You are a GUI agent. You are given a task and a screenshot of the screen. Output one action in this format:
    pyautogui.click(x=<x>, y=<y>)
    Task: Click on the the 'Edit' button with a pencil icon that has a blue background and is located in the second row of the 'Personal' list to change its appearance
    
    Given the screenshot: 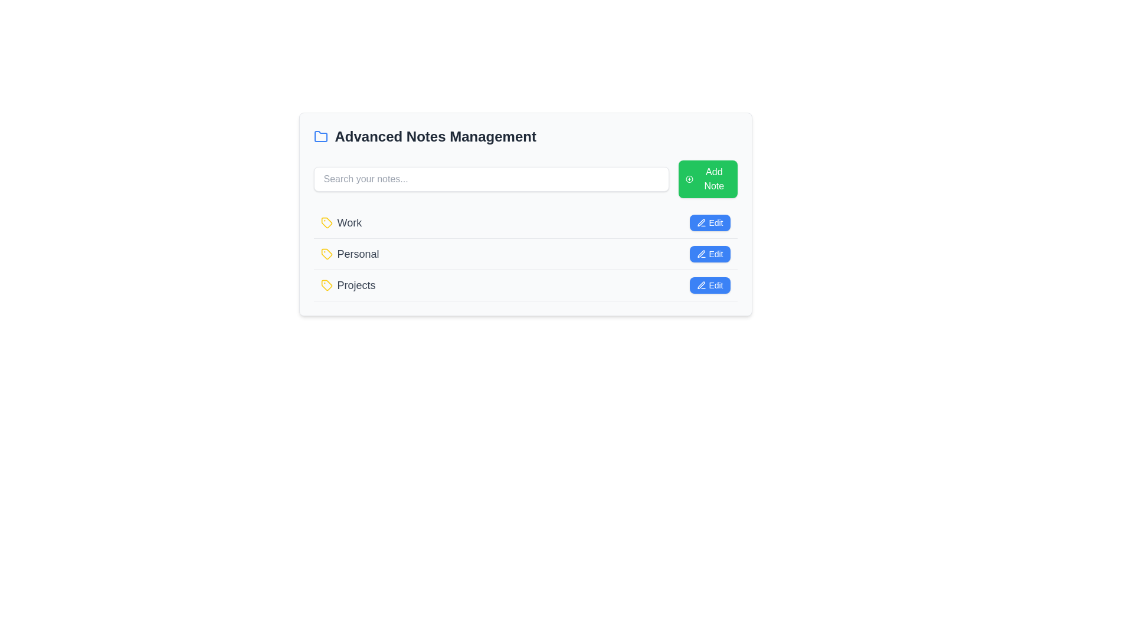 What is the action you would take?
    pyautogui.click(x=709, y=254)
    